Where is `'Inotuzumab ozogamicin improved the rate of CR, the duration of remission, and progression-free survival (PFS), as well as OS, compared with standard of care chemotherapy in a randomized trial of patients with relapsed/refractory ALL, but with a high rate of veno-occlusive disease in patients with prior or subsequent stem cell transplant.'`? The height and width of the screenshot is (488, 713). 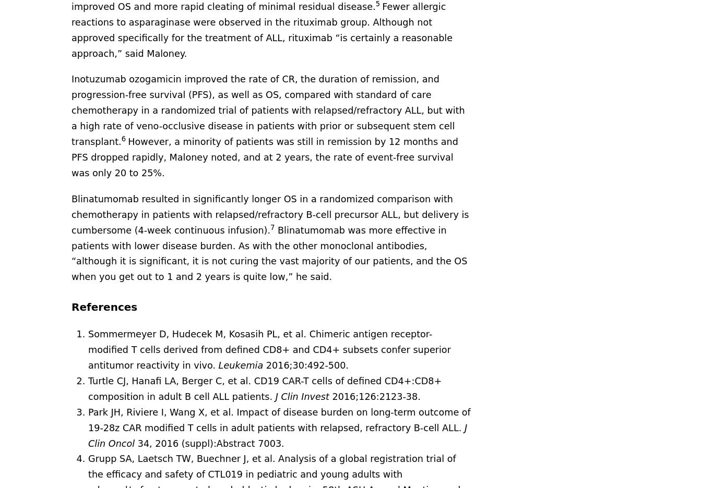
'Inotuzumab ozogamicin improved the rate of CR, the duration of remission, and progression-free survival (PFS), as well as OS, compared with standard of care chemotherapy in a randomized trial of patients with relapsed/refractory ALL, but with a high rate of veno-occlusive disease in patients with prior or subsequent stem cell transplant.' is located at coordinates (268, 111).